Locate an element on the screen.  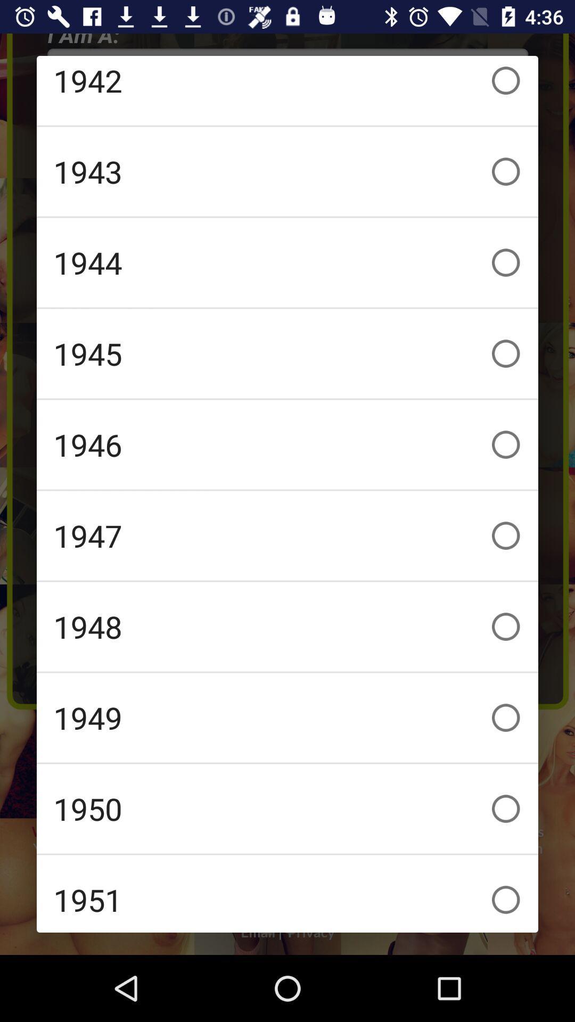
item below 1942 is located at coordinates (287, 171).